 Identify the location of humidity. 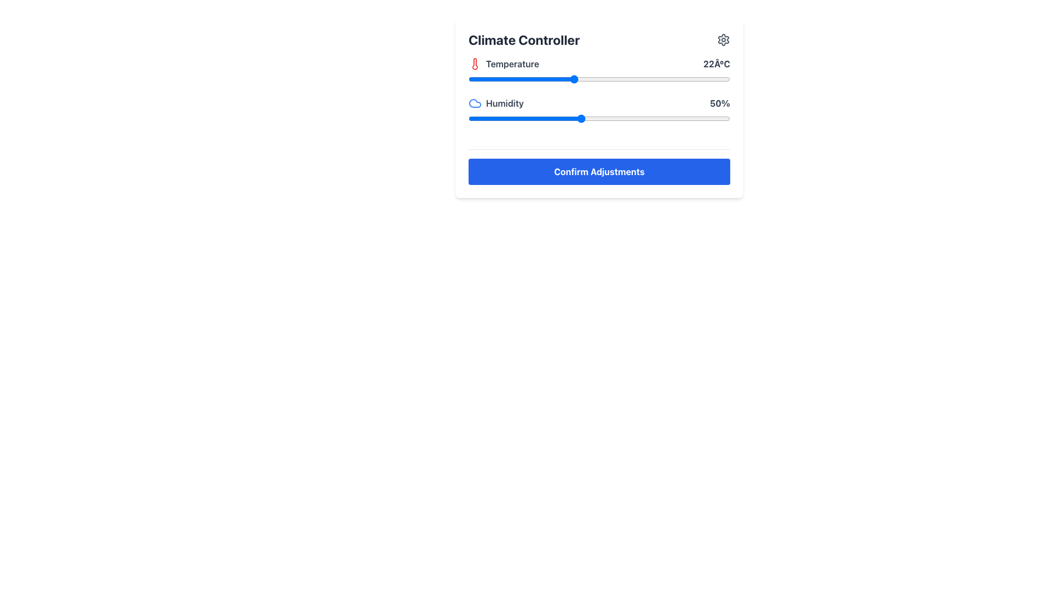
(598, 118).